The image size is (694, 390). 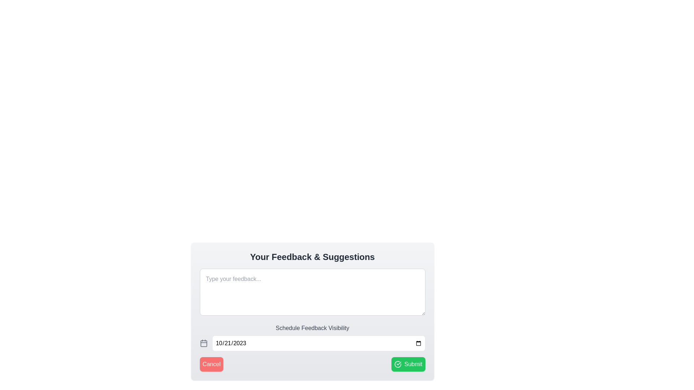 What do you see at coordinates (312, 257) in the screenshot?
I see `the static text heading that introduces the section for user feedback and suggestions, located at the top of the section above the input box` at bounding box center [312, 257].